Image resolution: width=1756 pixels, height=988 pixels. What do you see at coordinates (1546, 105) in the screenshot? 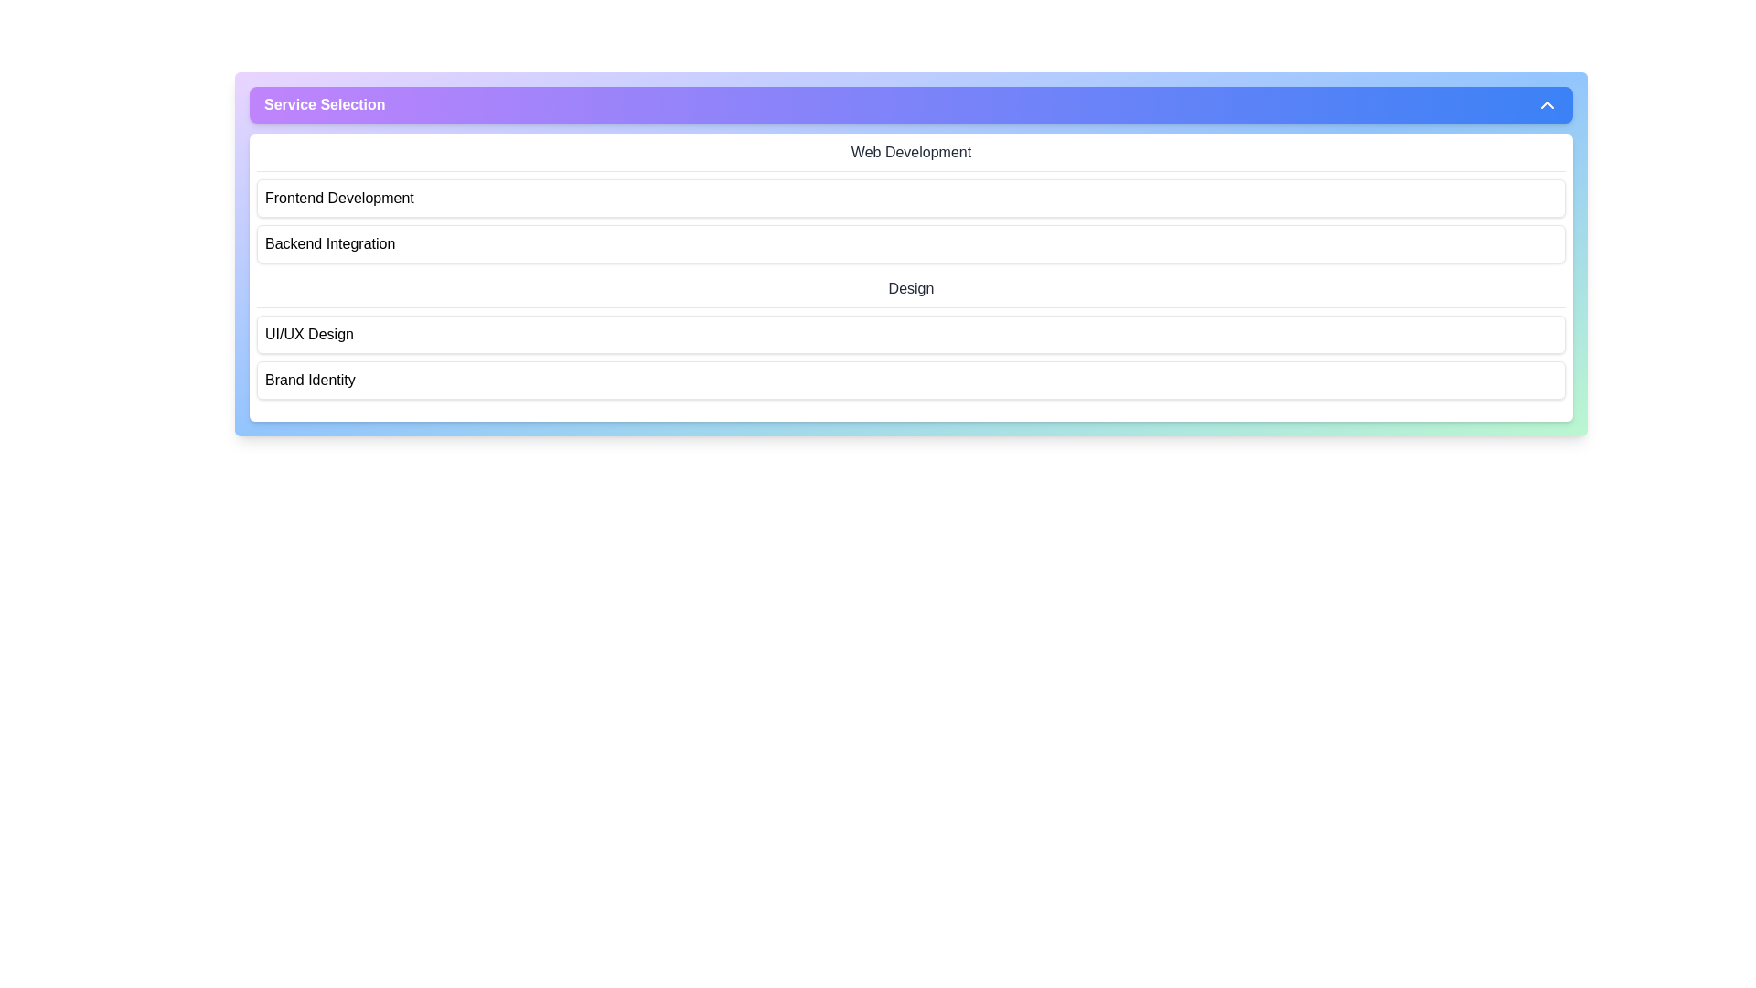
I see `the upward triangular toggle icon located at the far right of the 'Service Selection' header` at bounding box center [1546, 105].